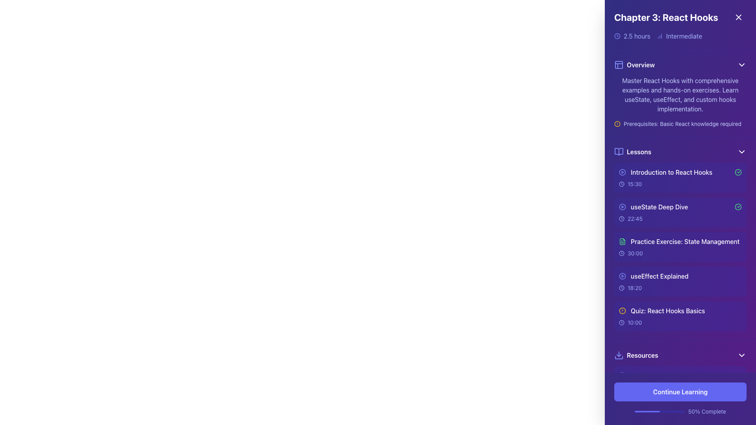 This screenshot has height=425, width=756. I want to click on the small green circle containing a checkmark icon that represents a completed status, located in the Lessons section, associated with the lesson titled 'useState Deep Dive', so click(738, 206).